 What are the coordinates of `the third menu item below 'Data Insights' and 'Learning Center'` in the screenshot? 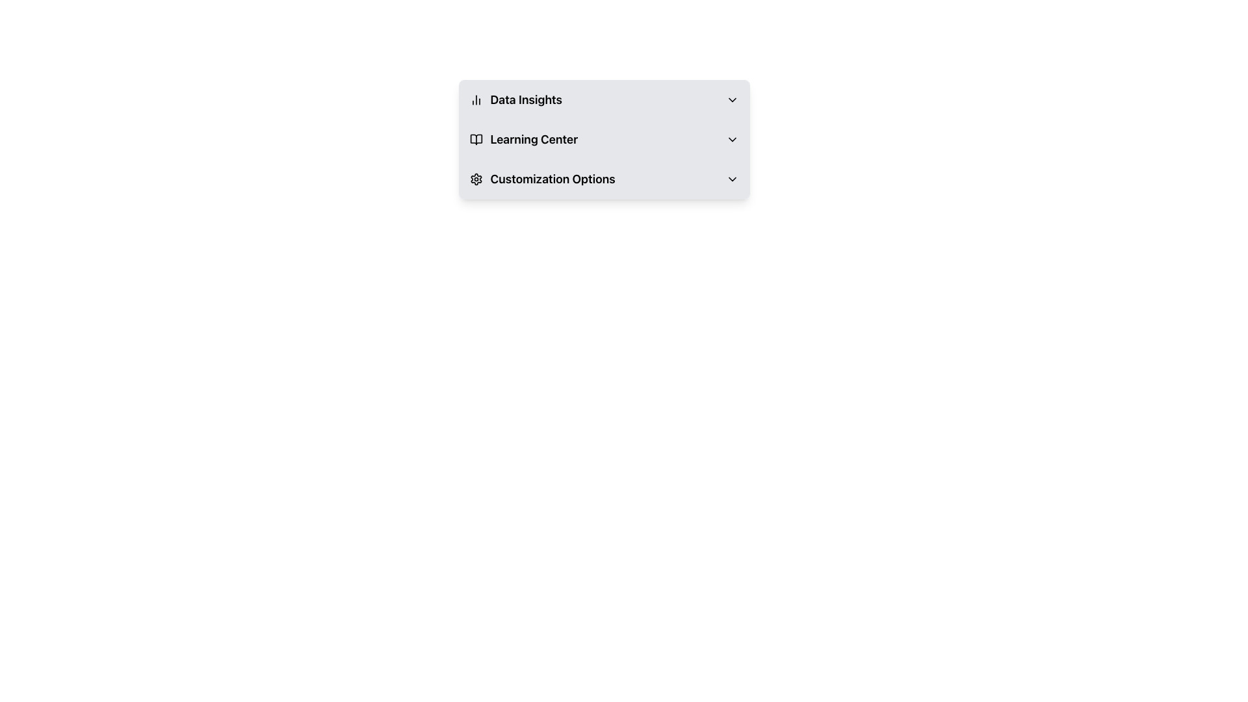 It's located at (542, 179).